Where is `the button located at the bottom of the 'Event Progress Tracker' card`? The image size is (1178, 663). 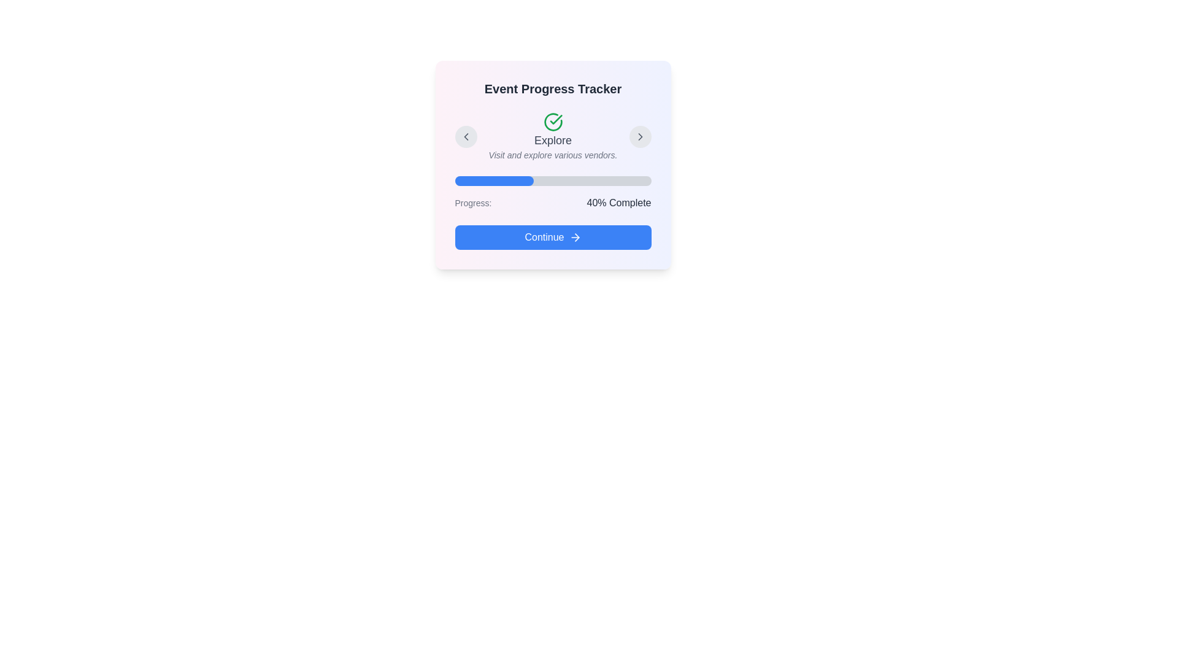
the button located at the bottom of the 'Event Progress Tracker' card is located at coordinates (552, 237).